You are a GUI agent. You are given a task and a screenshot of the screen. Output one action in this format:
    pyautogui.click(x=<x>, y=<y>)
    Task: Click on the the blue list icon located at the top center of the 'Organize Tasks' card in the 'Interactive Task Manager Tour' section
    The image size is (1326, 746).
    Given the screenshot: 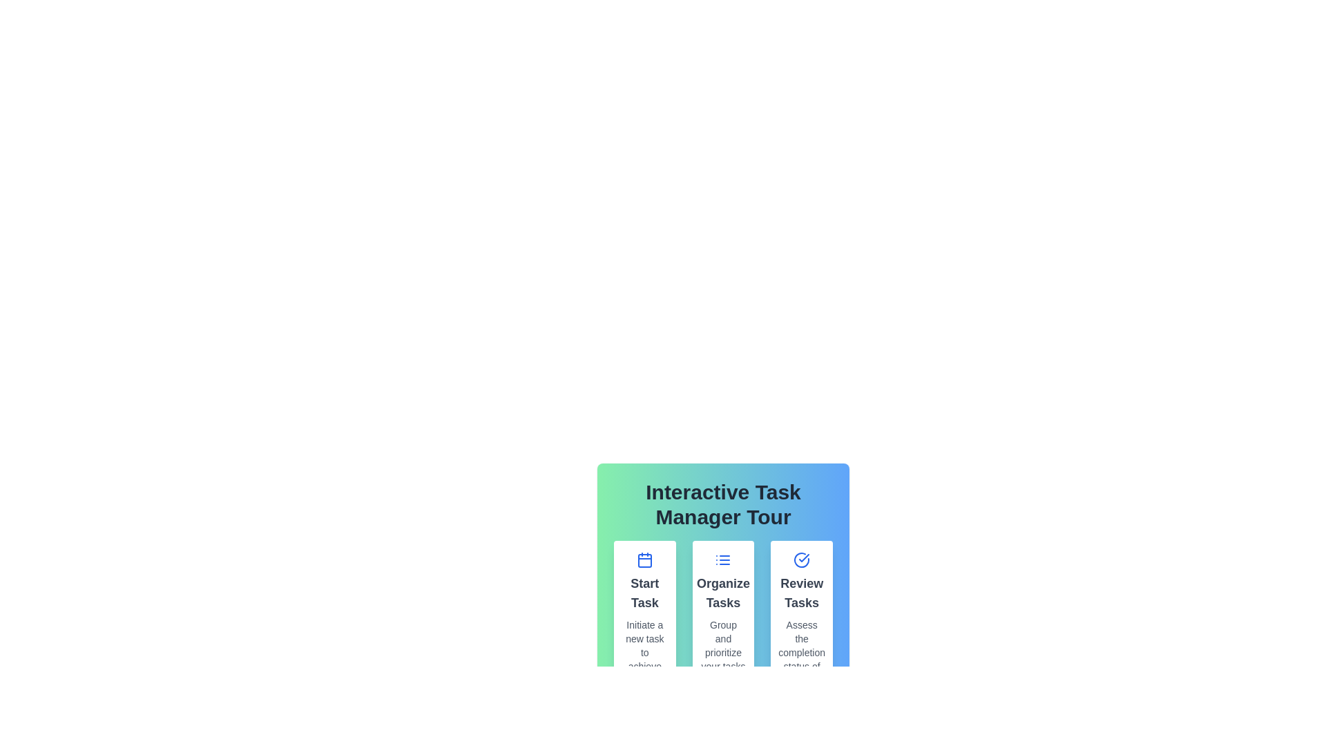 What is the action you would take?
    pyautogui.click(x=722, y=559)
    